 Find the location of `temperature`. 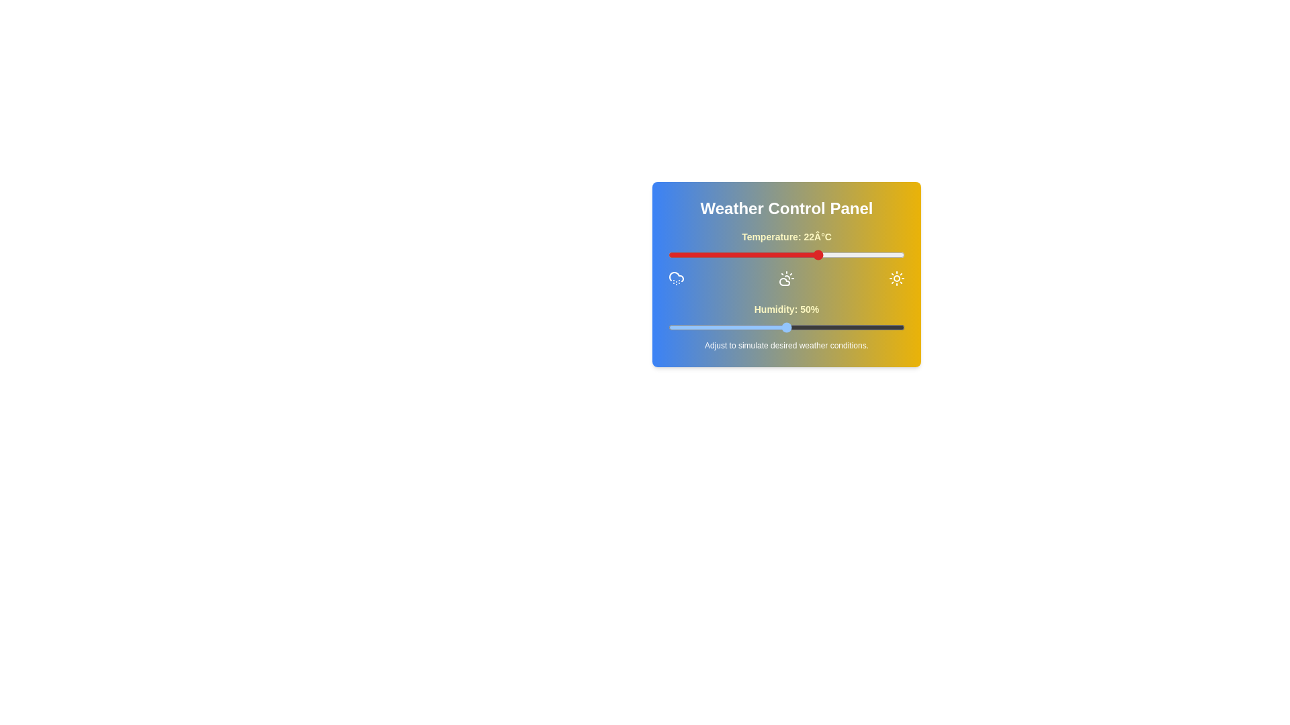

temperature is located at coordinates (673, 255).